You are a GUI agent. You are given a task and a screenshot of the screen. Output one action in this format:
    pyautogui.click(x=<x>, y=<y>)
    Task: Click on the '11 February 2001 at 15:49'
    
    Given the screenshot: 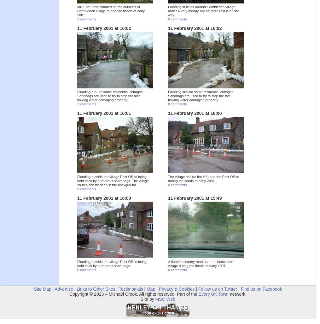 What is the action you would take?
    pyautogui.click(x=195, y=198)
    